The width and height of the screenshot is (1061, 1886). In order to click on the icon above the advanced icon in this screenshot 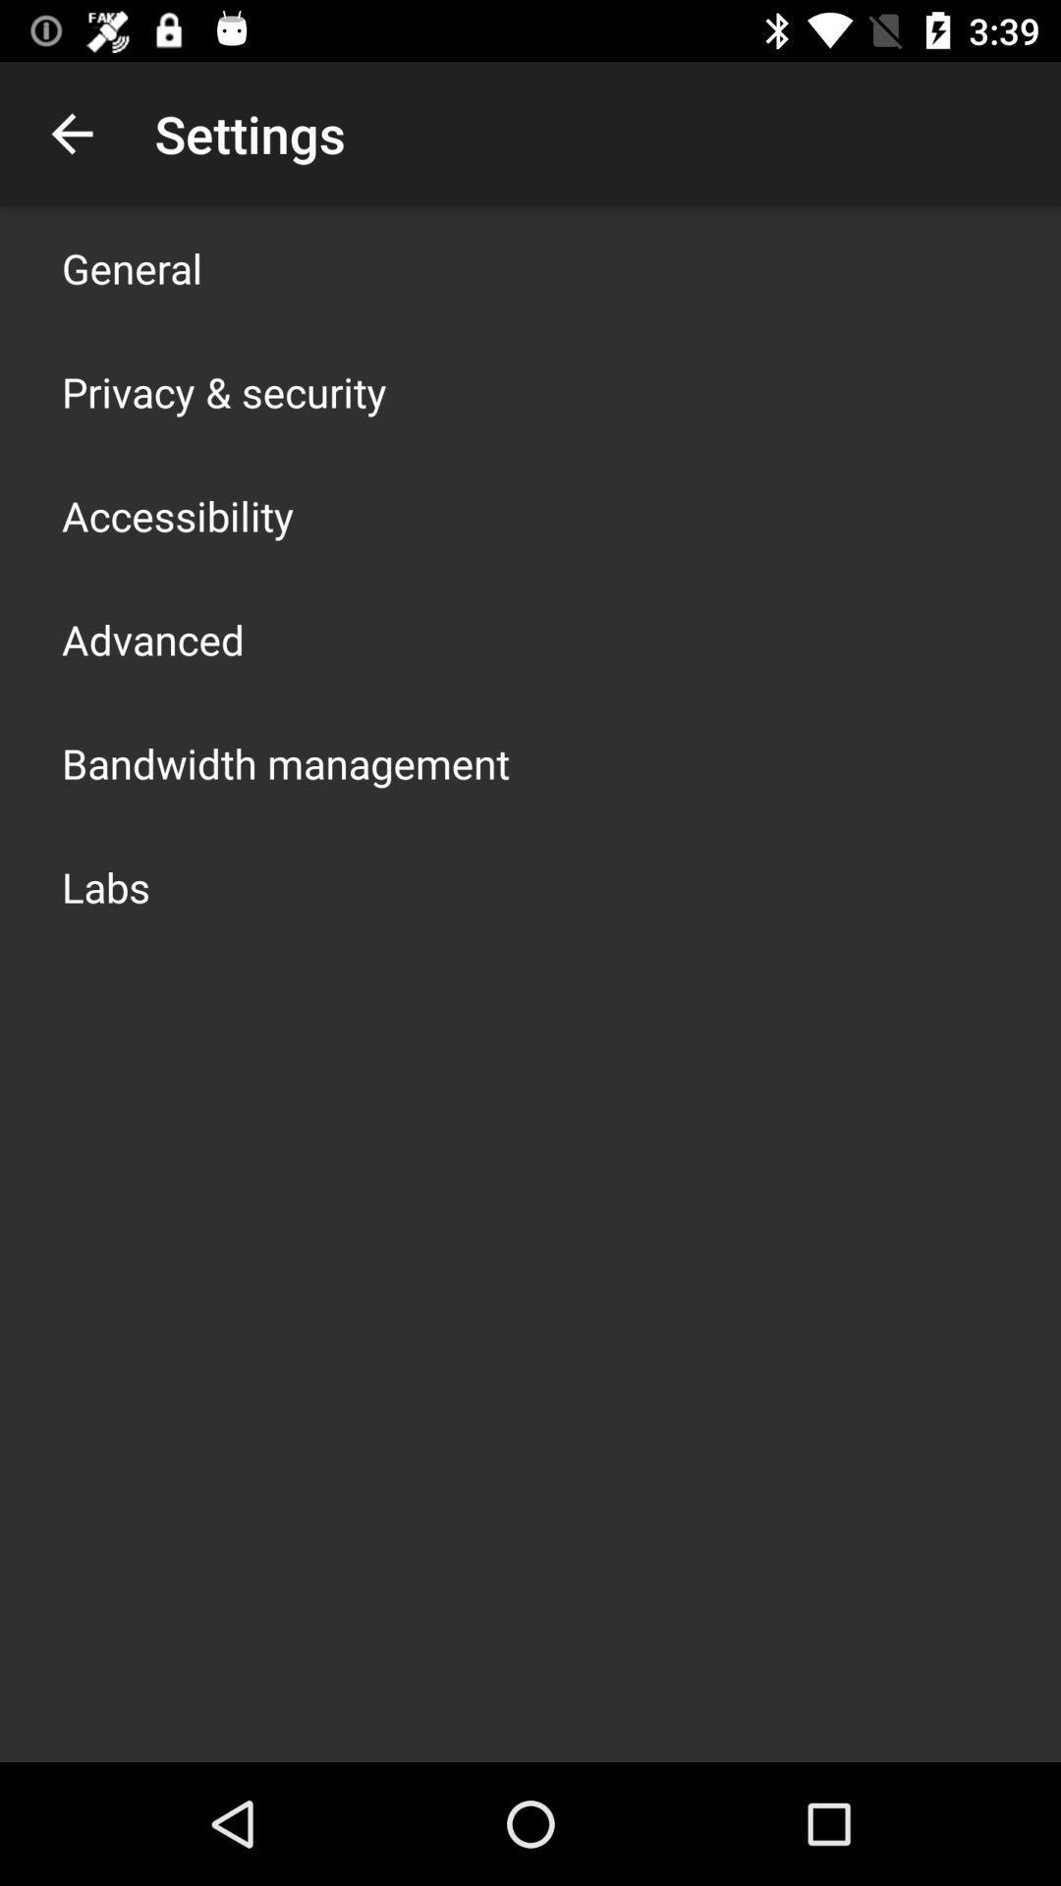, I will do `click(178, 515)`.